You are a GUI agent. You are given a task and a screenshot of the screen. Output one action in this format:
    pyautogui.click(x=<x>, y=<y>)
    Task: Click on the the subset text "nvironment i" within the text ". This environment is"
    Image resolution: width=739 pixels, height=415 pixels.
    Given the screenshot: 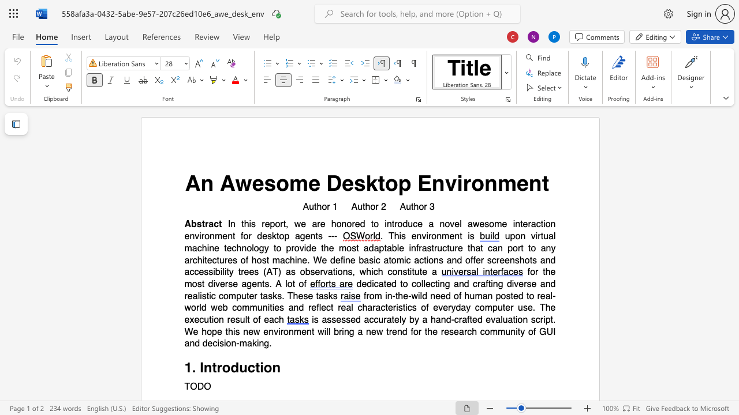 What is the action you would take?
    pyautogui.click(x=416, y=236)
    